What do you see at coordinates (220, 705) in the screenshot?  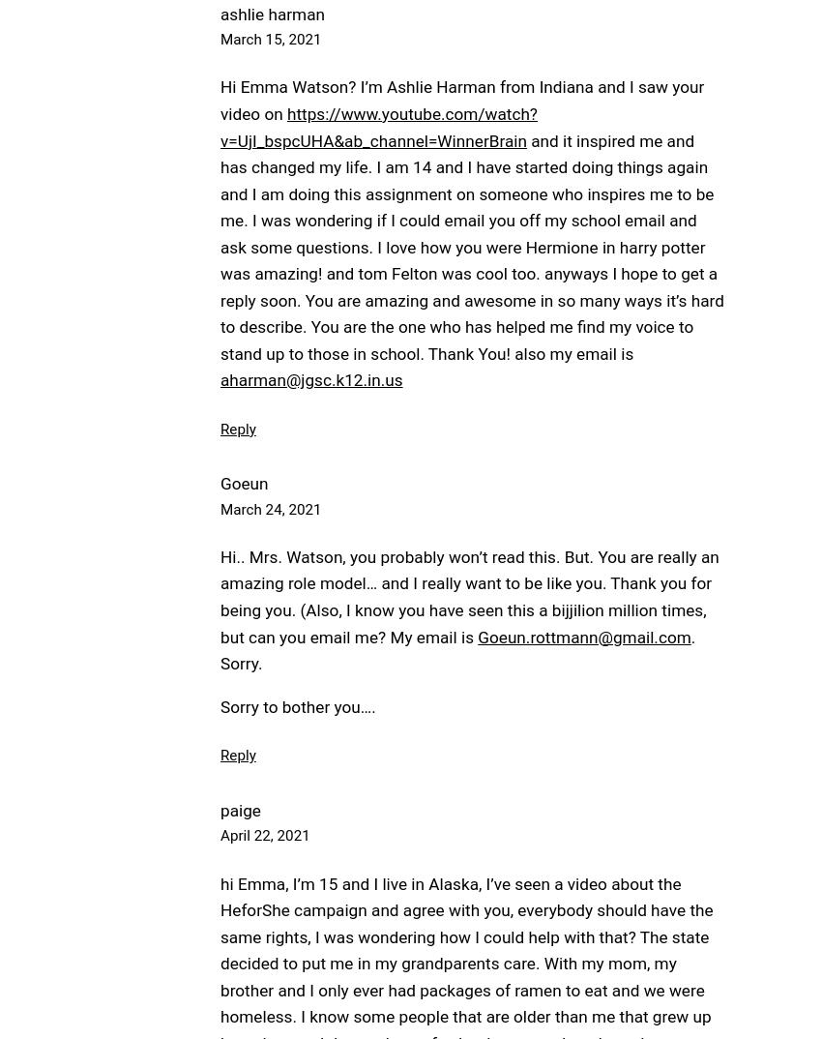 I see `'Sorry to bother you….'` at bounding box center [220, 705].